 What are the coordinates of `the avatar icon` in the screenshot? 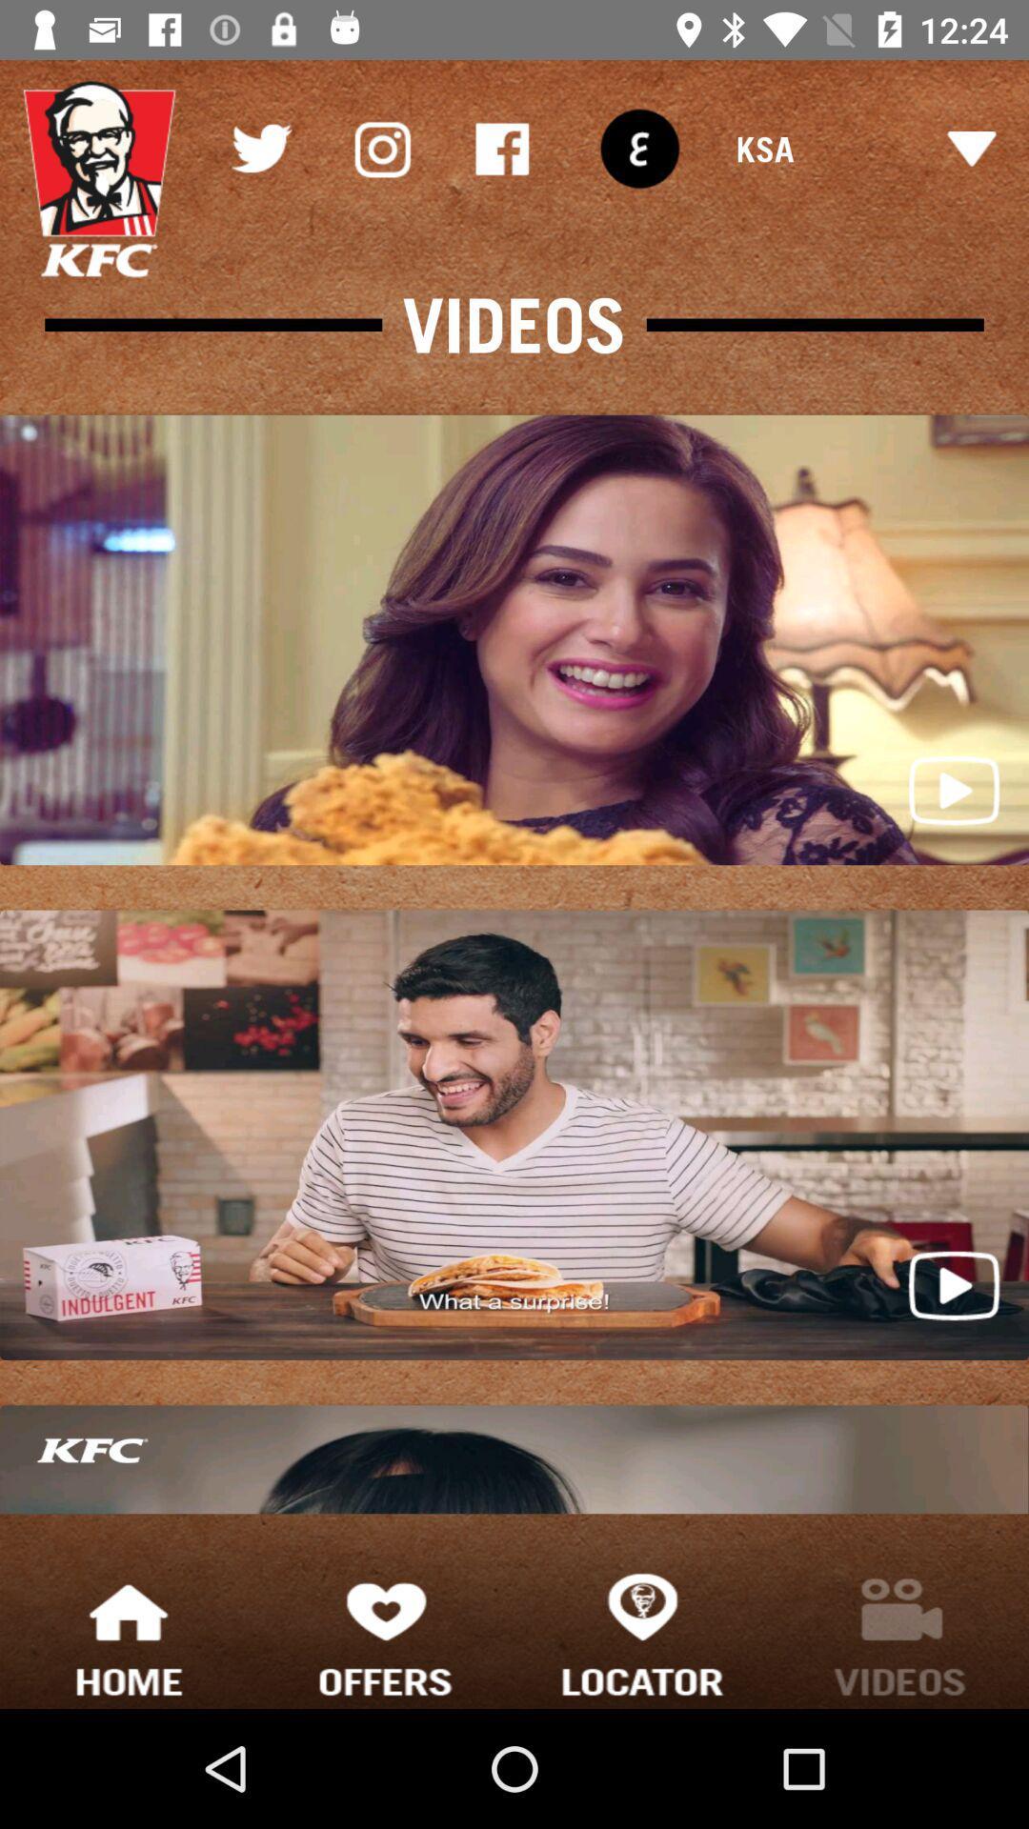 It's located at (99, 179).